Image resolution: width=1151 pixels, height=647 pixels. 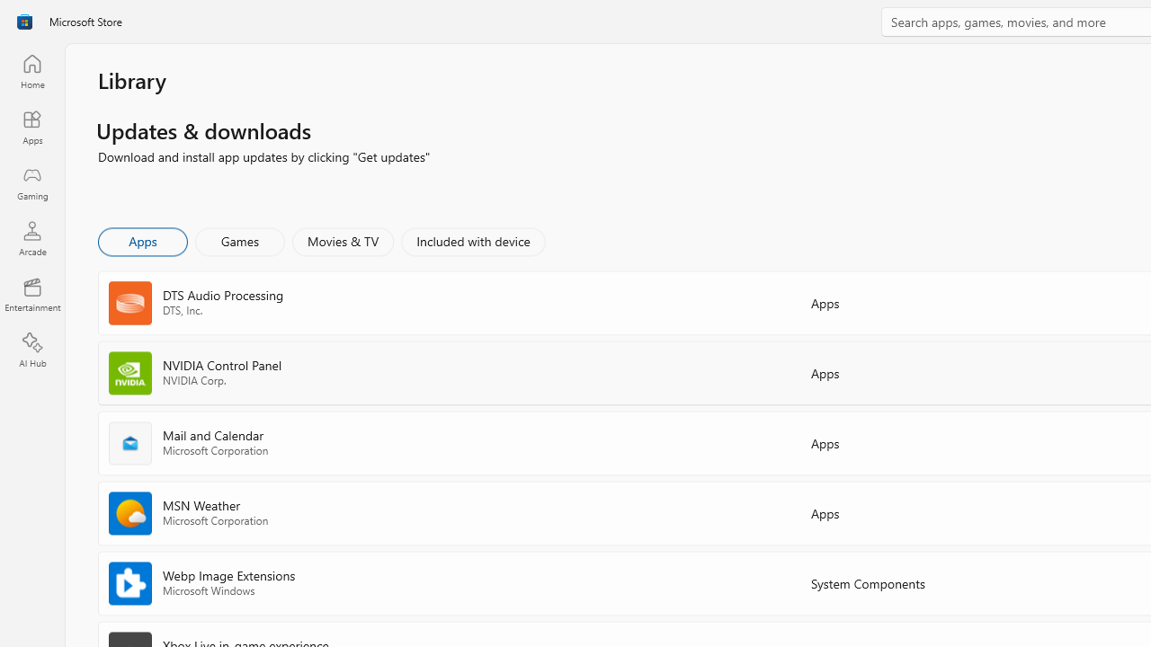 I want to click on 'AI Hub', so click(x=31, y=350).